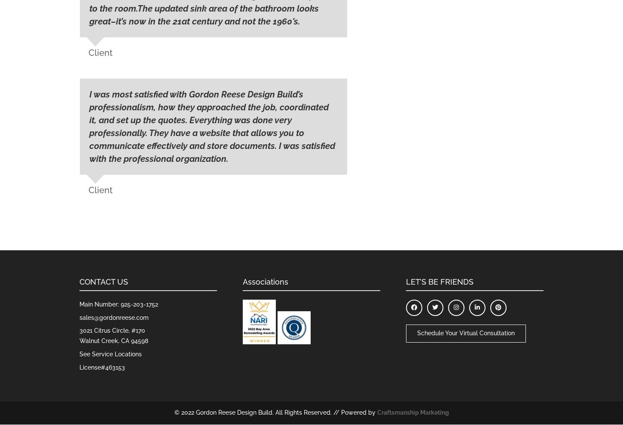  I want to click on '© 2022 Gordon Reese Design Build. All Rights Reserved. // Powered by', so click(275, 412).